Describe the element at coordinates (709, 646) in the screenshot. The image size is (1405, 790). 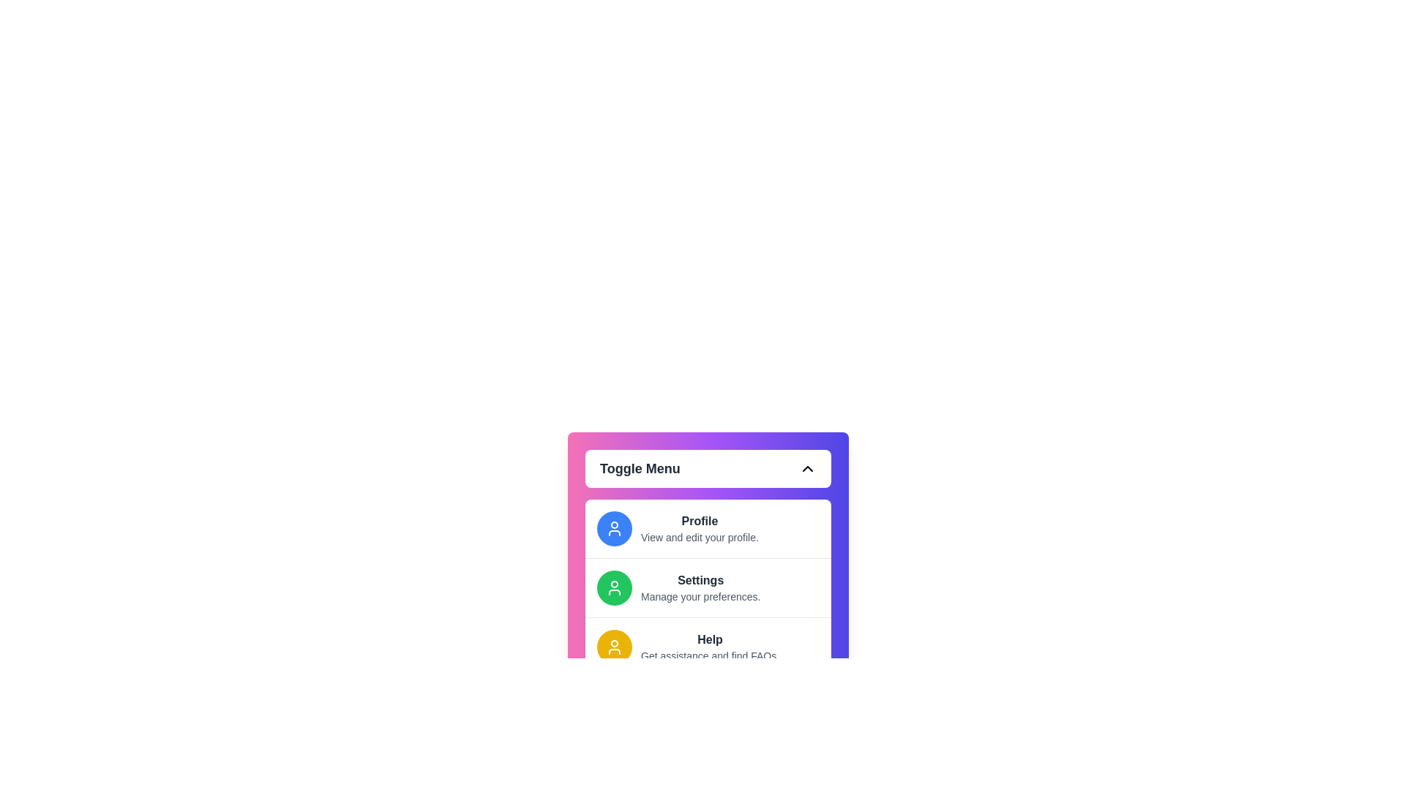
I see `the 'Help' menu item to interact with it` at that location.